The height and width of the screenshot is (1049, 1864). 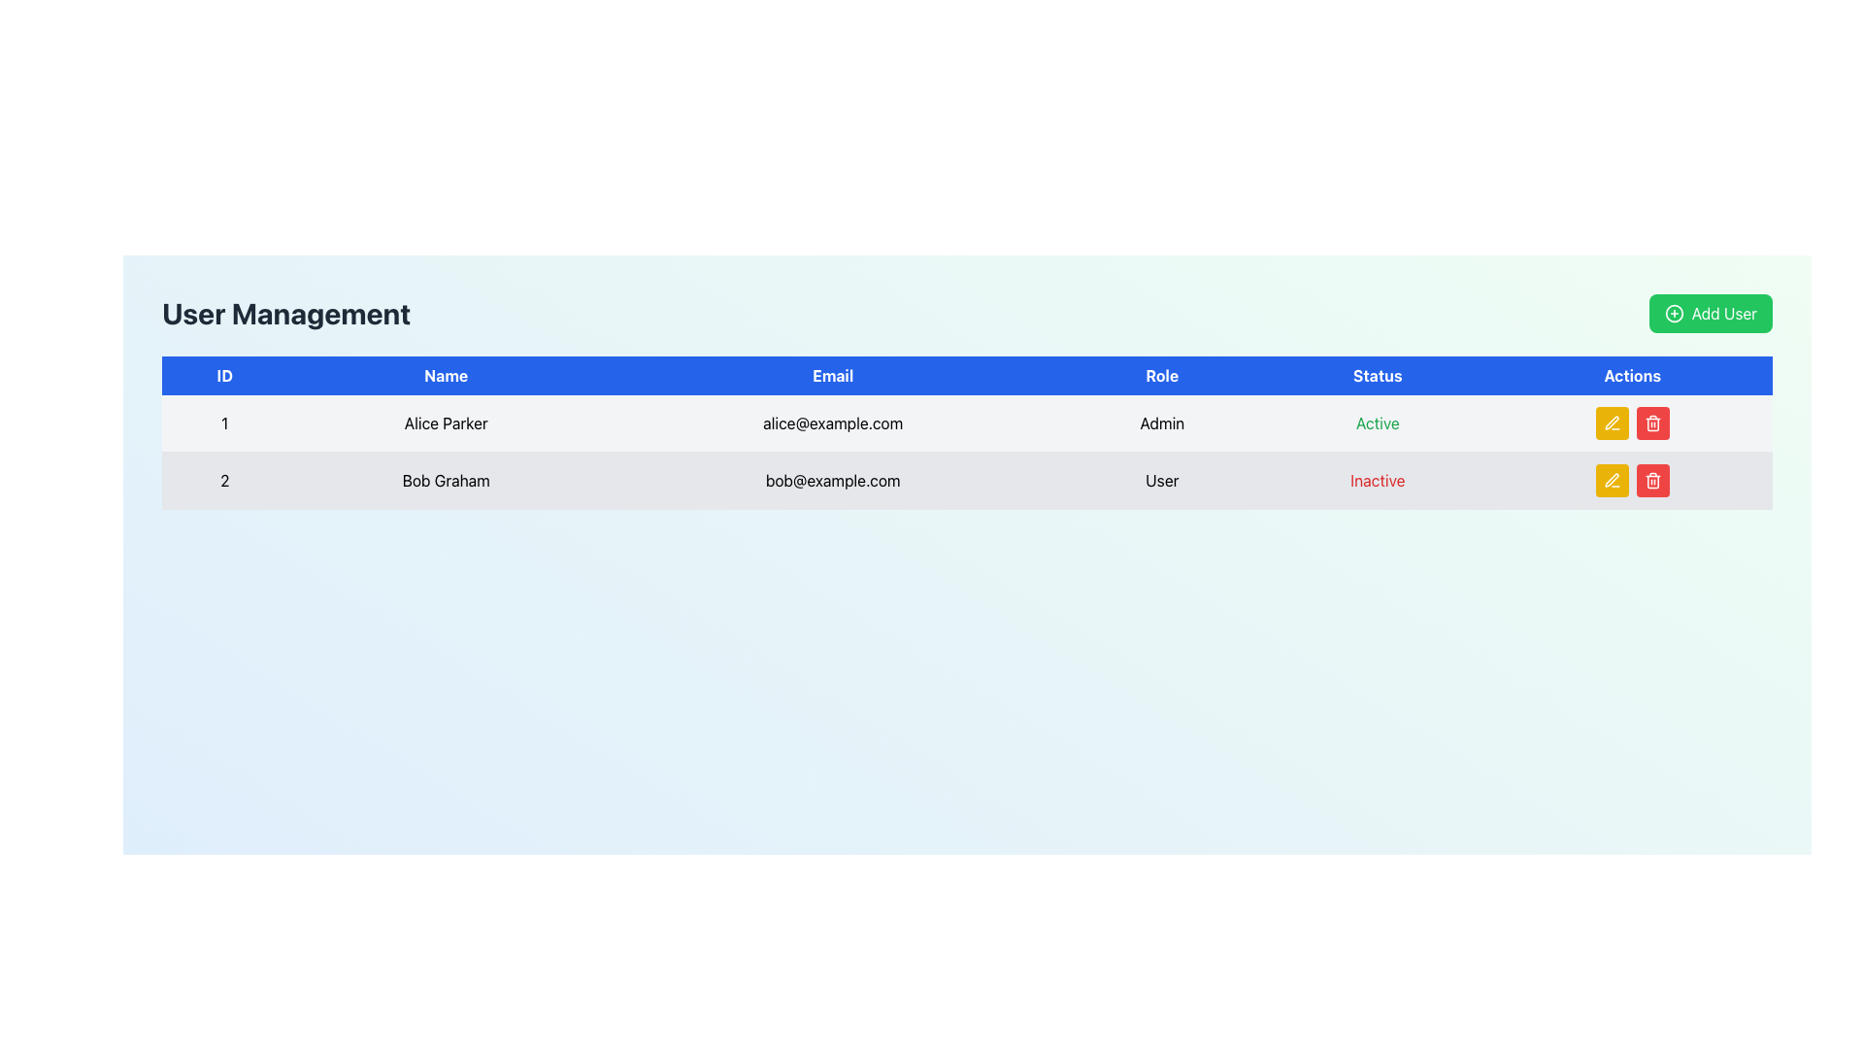 I want to click on the ID header label in the table, which is the first label from the left in the header row, indicating the IDs of the rows beneath, so click(x=224, y=375).